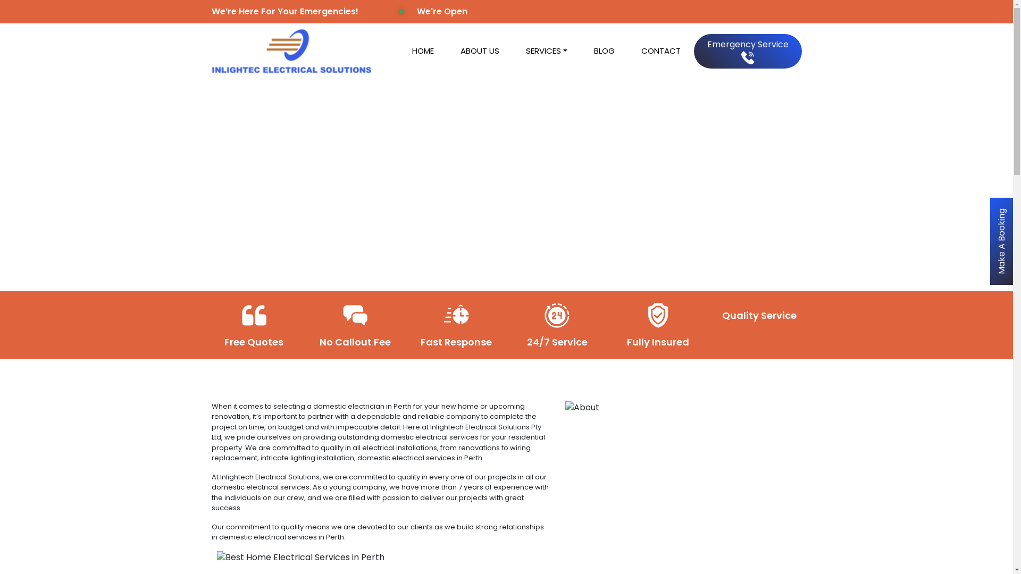  Describe the element at coordinates (747, 51) in the screenshot. I see `'Emergency Service'` at that location.